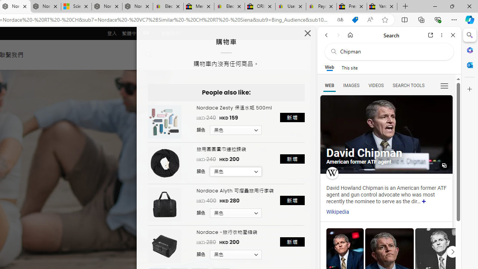 This screenshot has width=478, height=269. I want to click on 'Home', so click(350, 35).